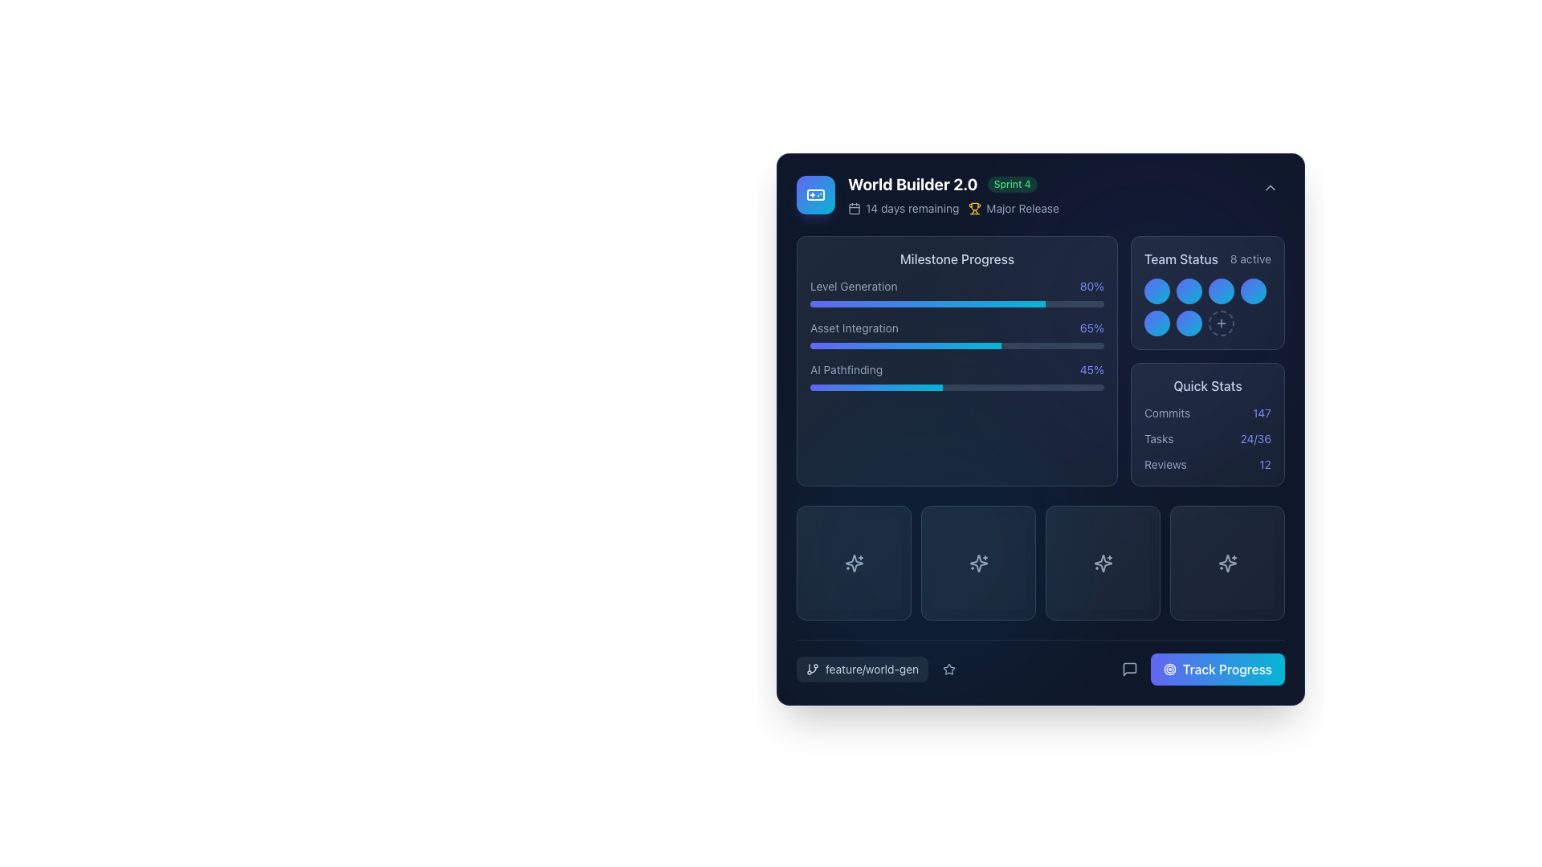  What do you see at coordinates (1091, 327) in the screenshot?
I see `the text label displaying '65%' in indigo color located in the right part of the 'Asset Integration' row within the 'Milestone Progress' section` at bounding box center [1091, 327].